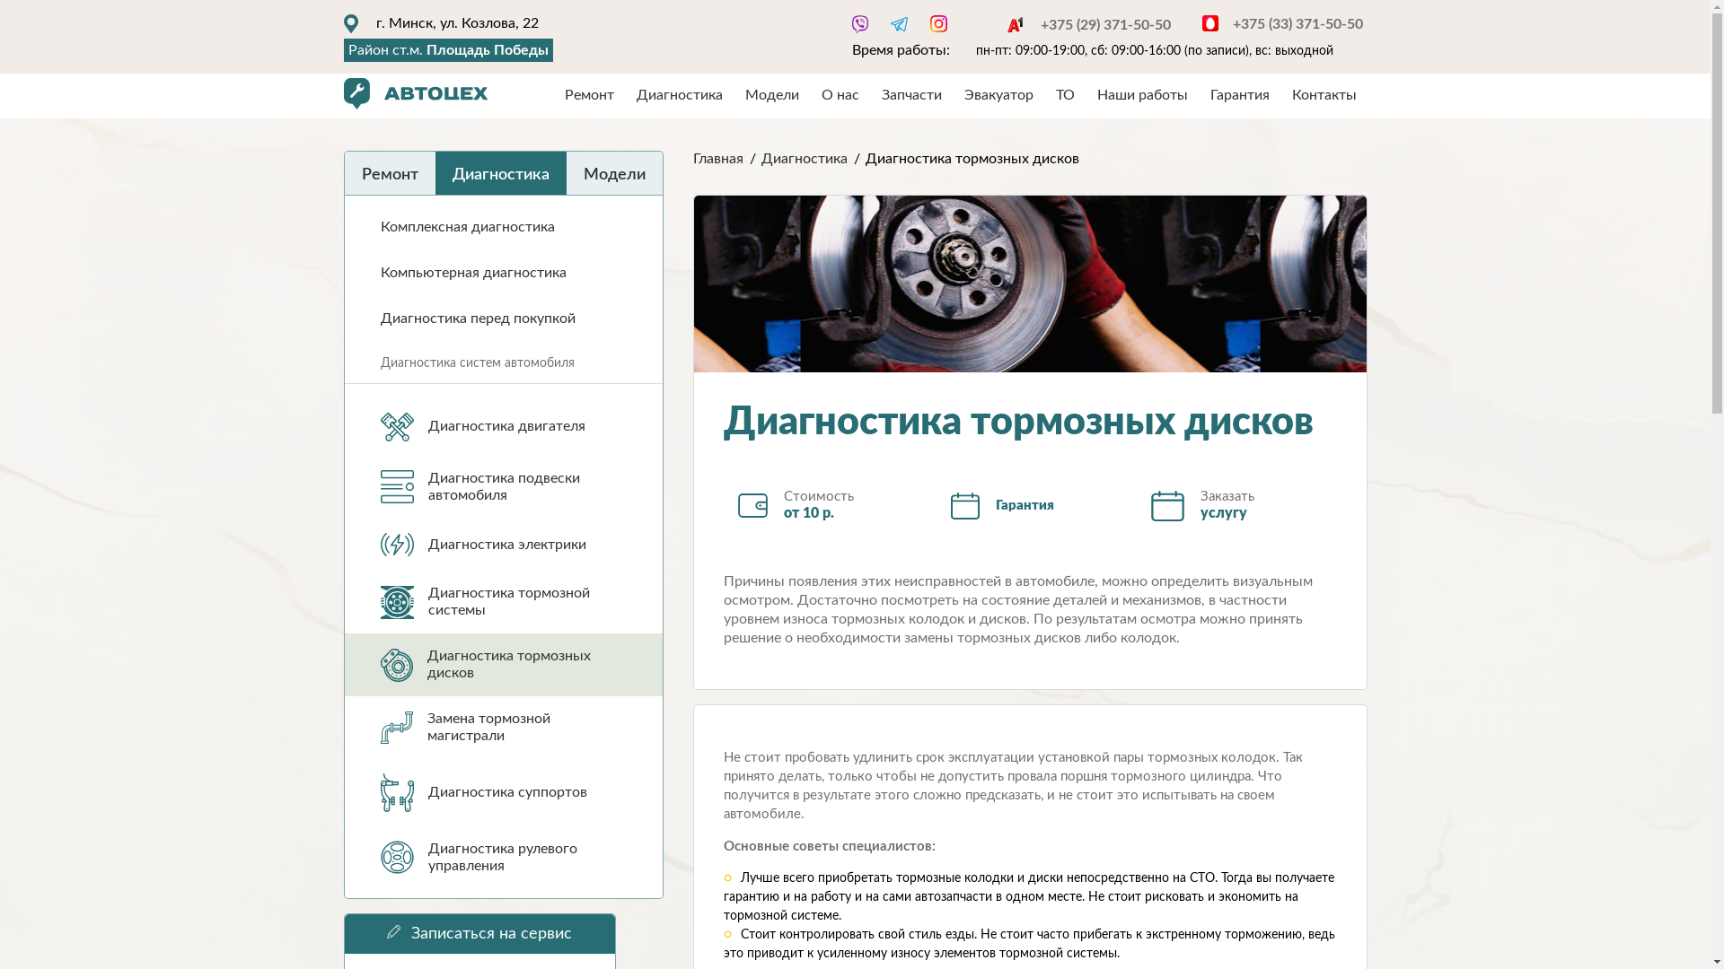 Image resolution: width=1724 pixels, height=969 pixels. I want to click on '+375 (29) 371-50-50', so click(1085, 24).